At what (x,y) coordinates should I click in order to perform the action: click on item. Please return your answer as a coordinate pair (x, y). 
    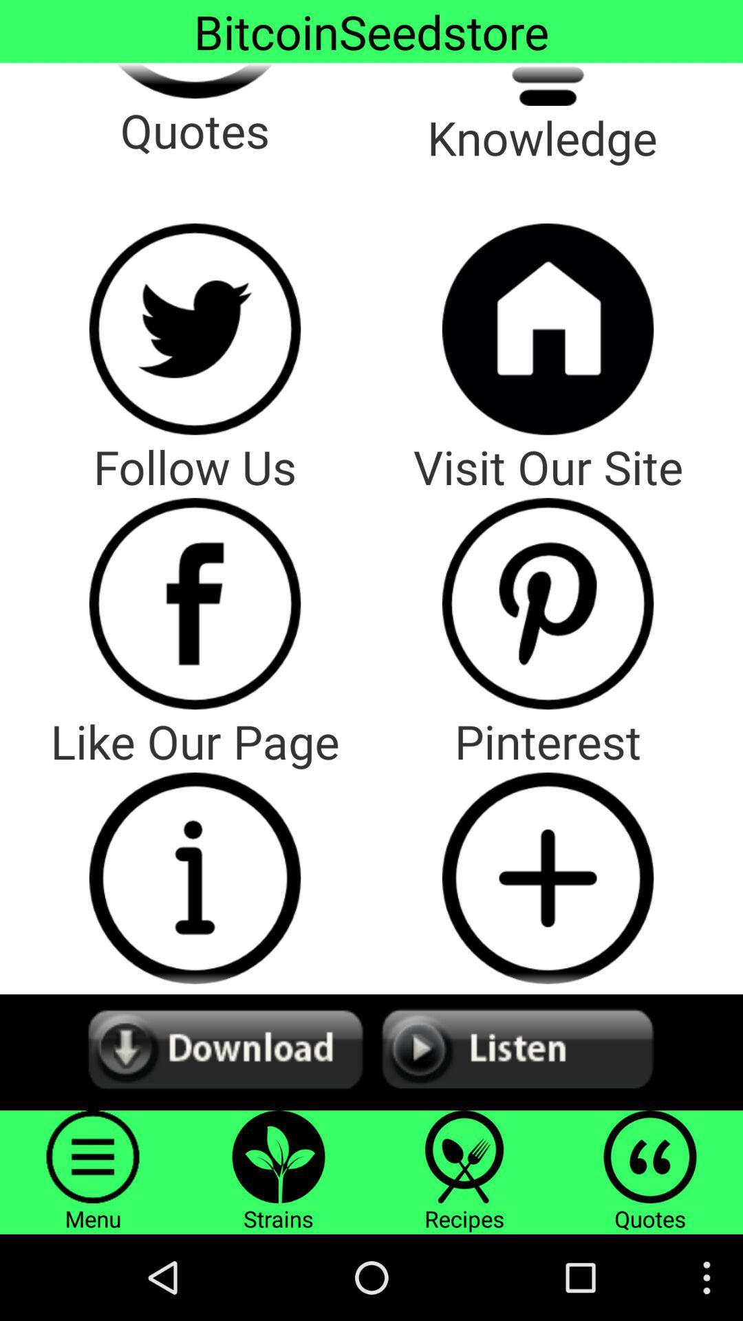
    Looking at the image, I should click on (547, 877).